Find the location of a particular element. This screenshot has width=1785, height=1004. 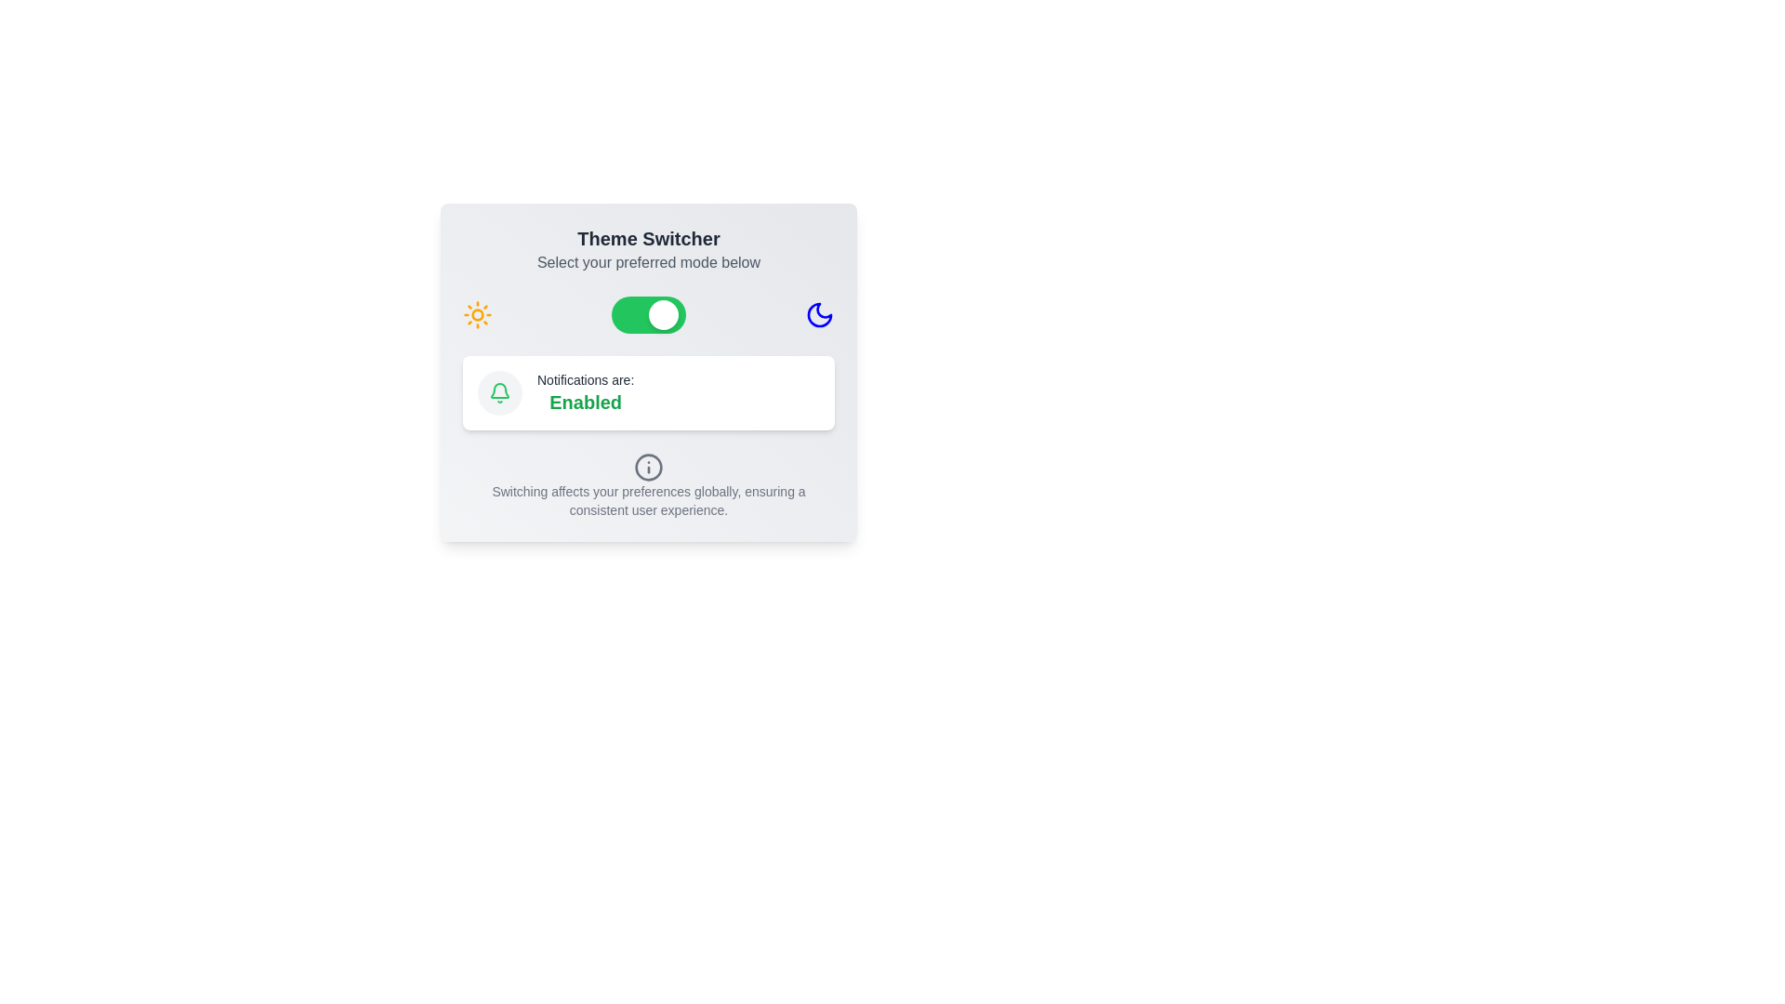

the active bell icon with a green outline, located in the central section of the UI near the 'Notifications are: Enabled' text is located at coordinates (499, 392).